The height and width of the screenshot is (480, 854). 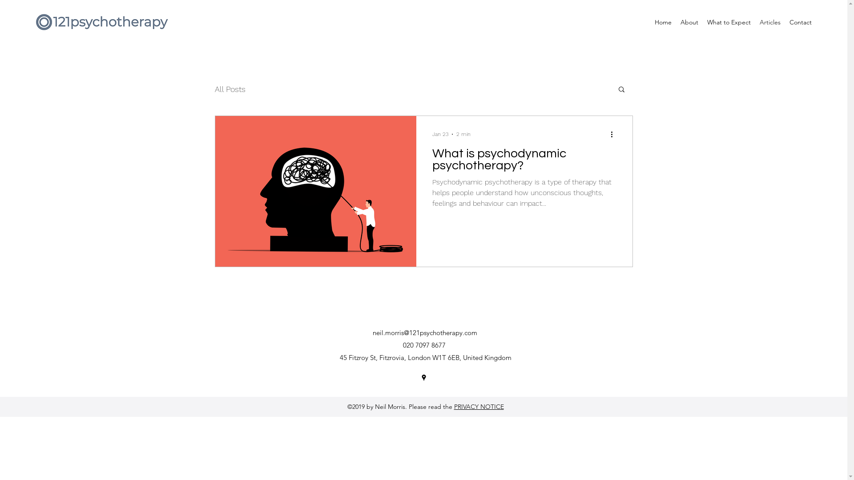 I want to click on 'neil.morris@121psychotherapy.com', so click(x=373, y=332).